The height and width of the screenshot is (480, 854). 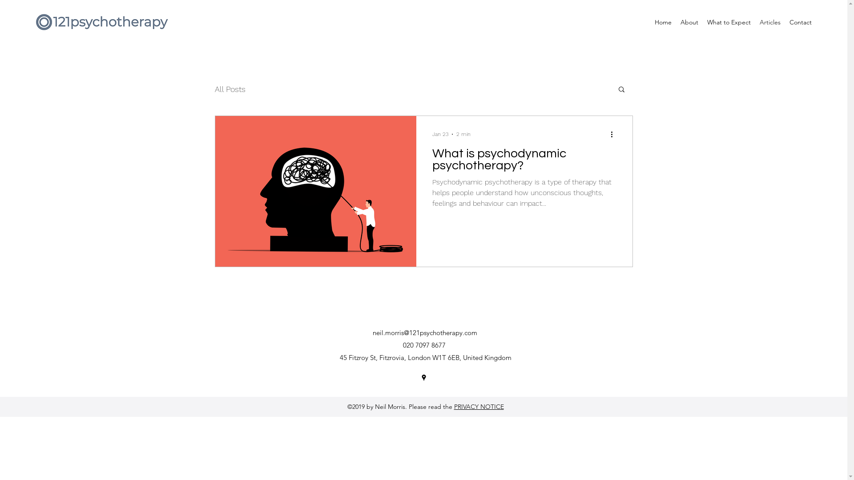 I want to click on 'neil.morris@121psychotherapy.com', so click(x=373, y=332).